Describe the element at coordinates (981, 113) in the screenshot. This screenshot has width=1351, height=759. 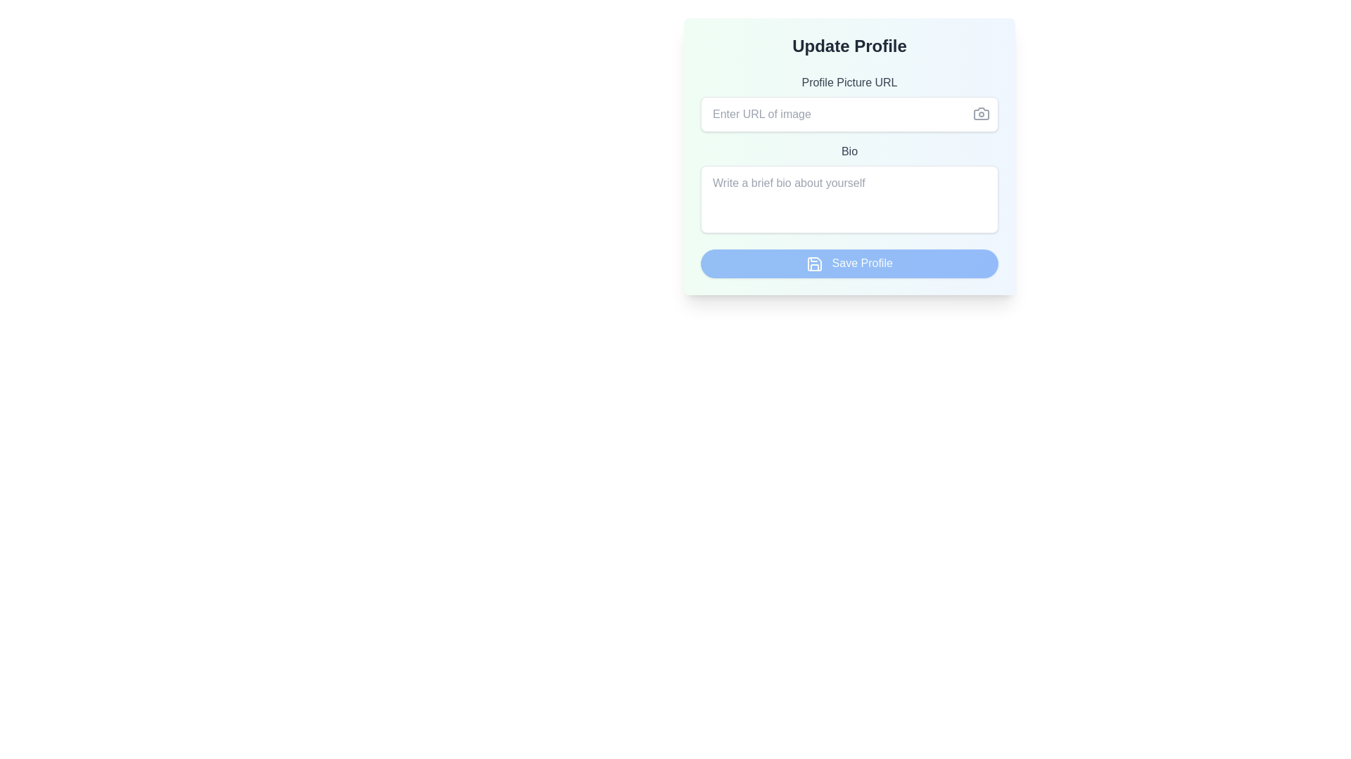
I see `the camera icon located at the top-right of the input field for 'Profile Picture URL'` at that location.